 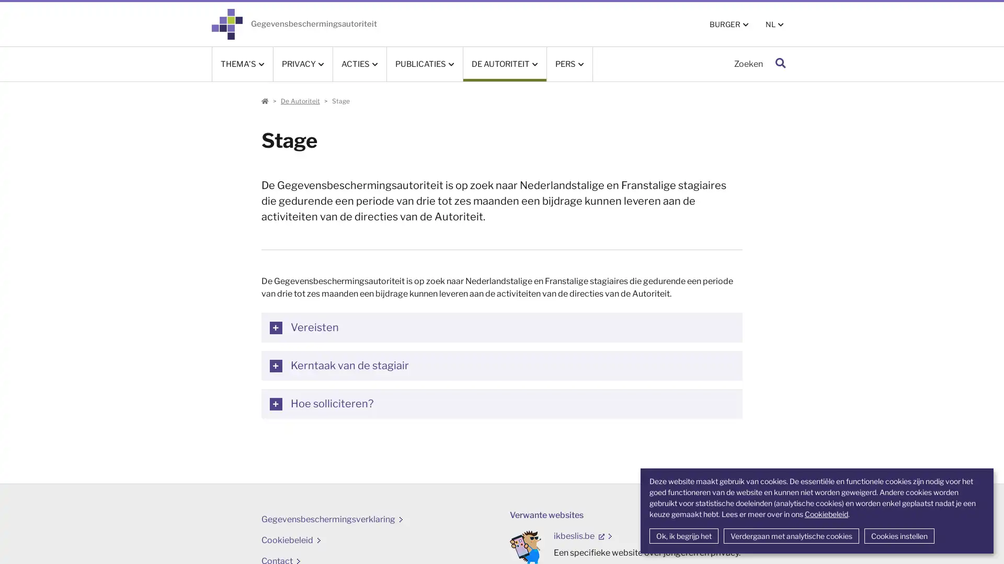 What do you see at coordinates (898, 536) in the screenshot?
I see `Cookies instellen` at bounding box center [898, 536].